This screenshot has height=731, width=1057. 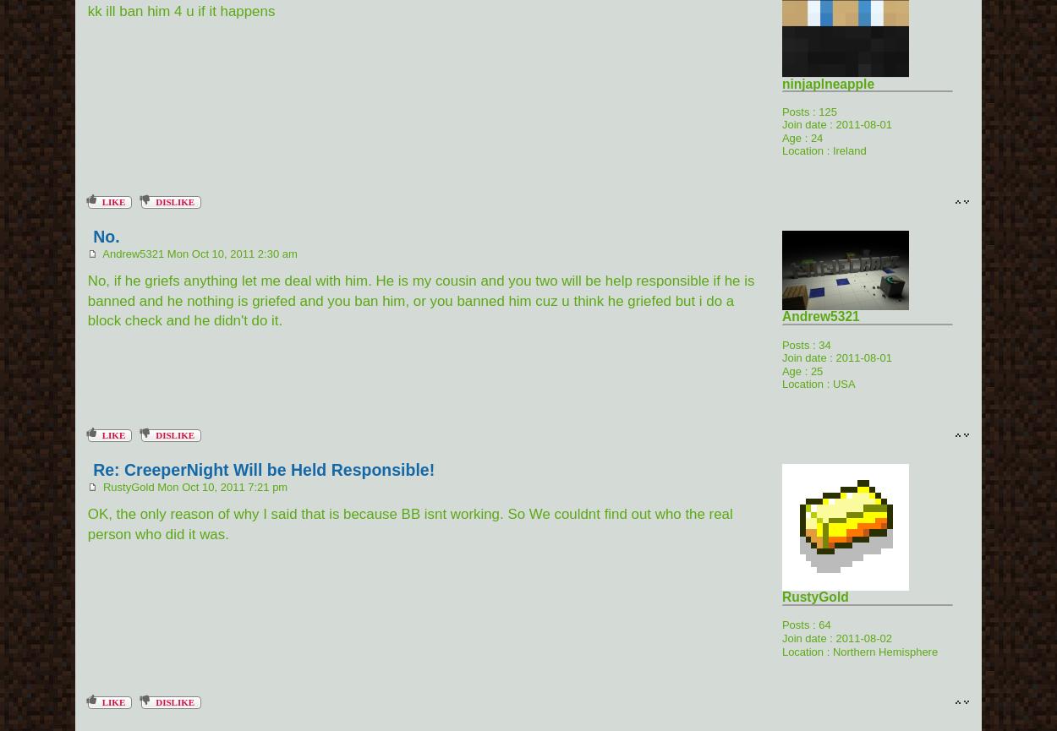 I want to click on 'RustyGold', so click(x=813, y=597).